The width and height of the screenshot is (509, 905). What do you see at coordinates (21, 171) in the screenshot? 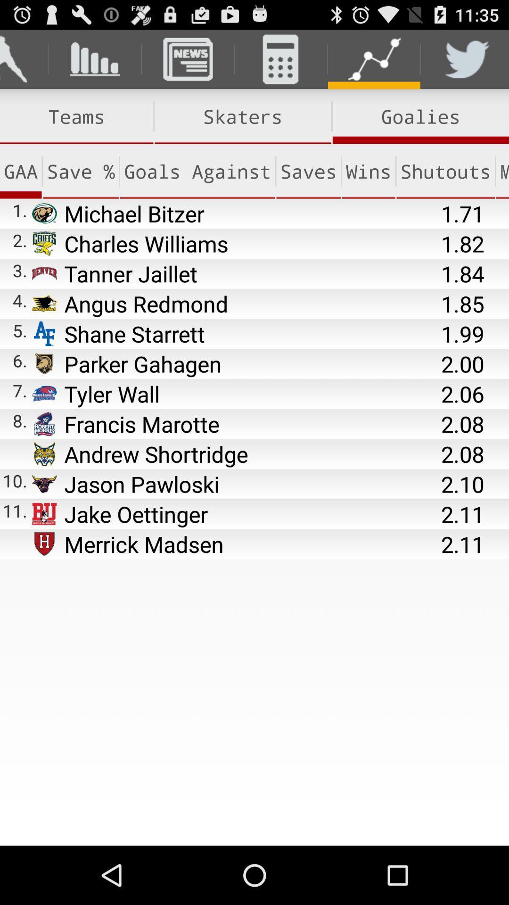
I see `the gaa` at bounding box center [21, 171].